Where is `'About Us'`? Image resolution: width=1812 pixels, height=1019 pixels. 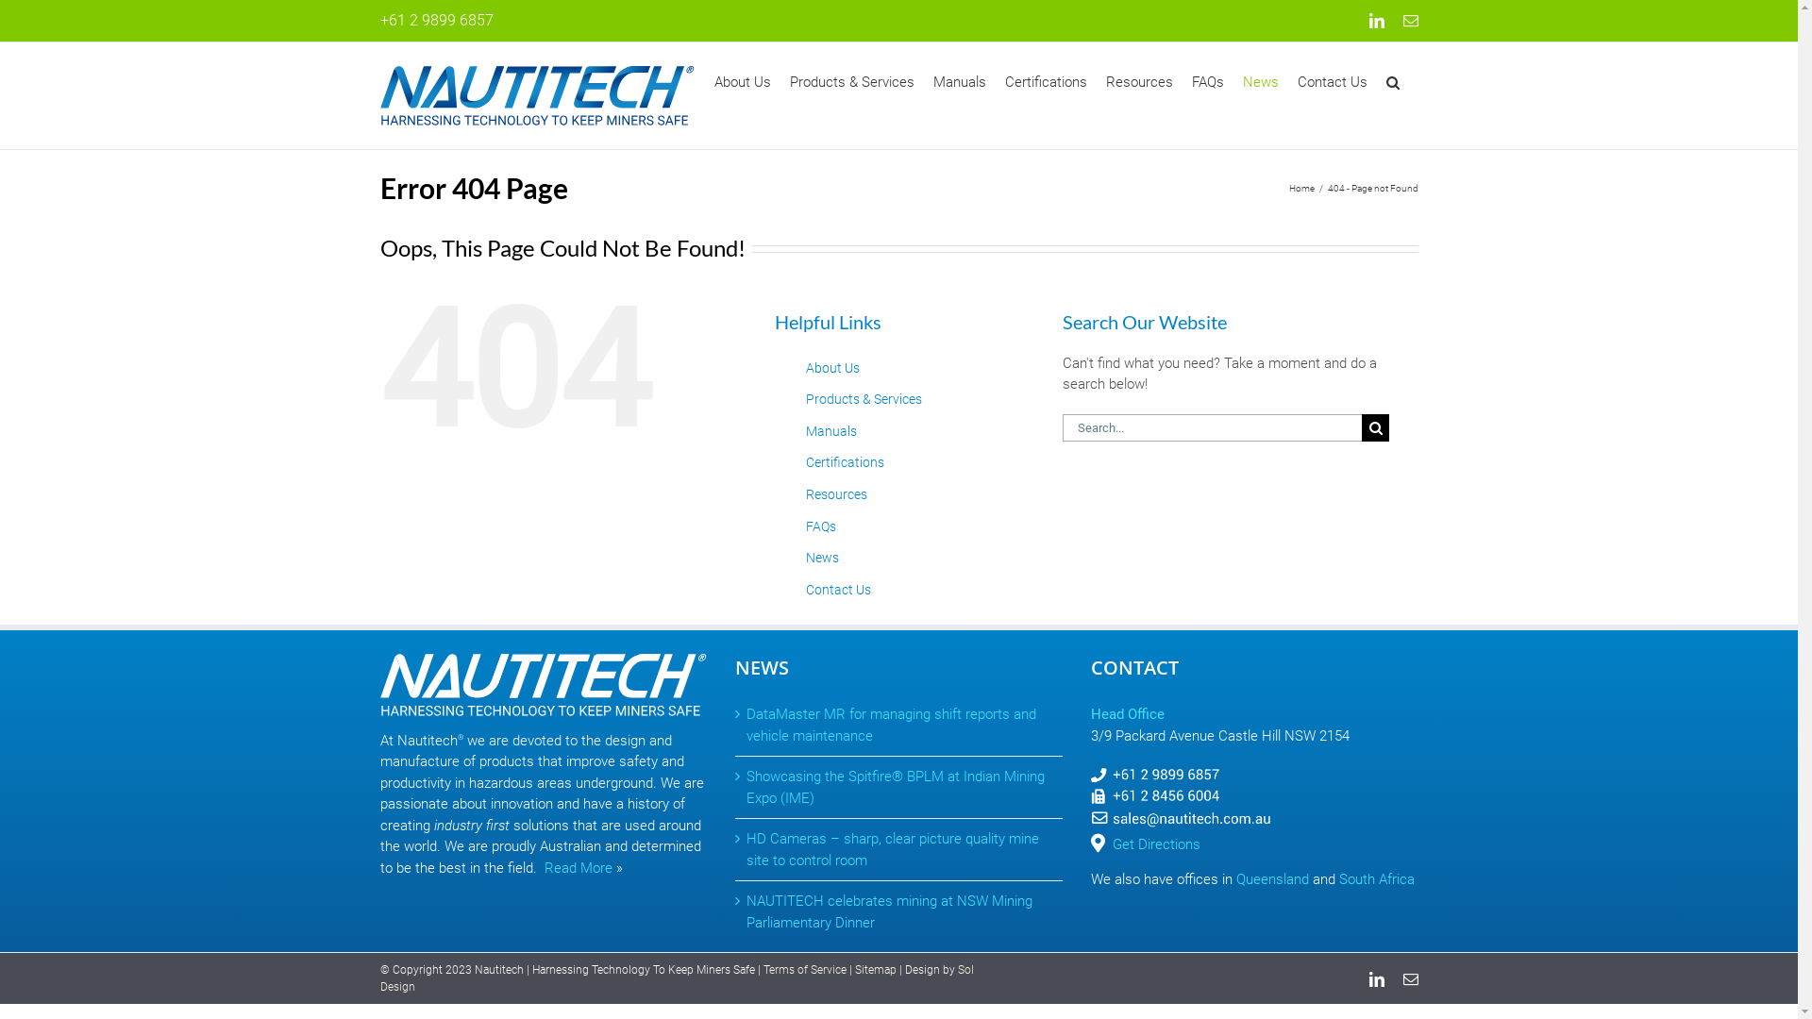 'About Us' is located at coordinates (741, 81).